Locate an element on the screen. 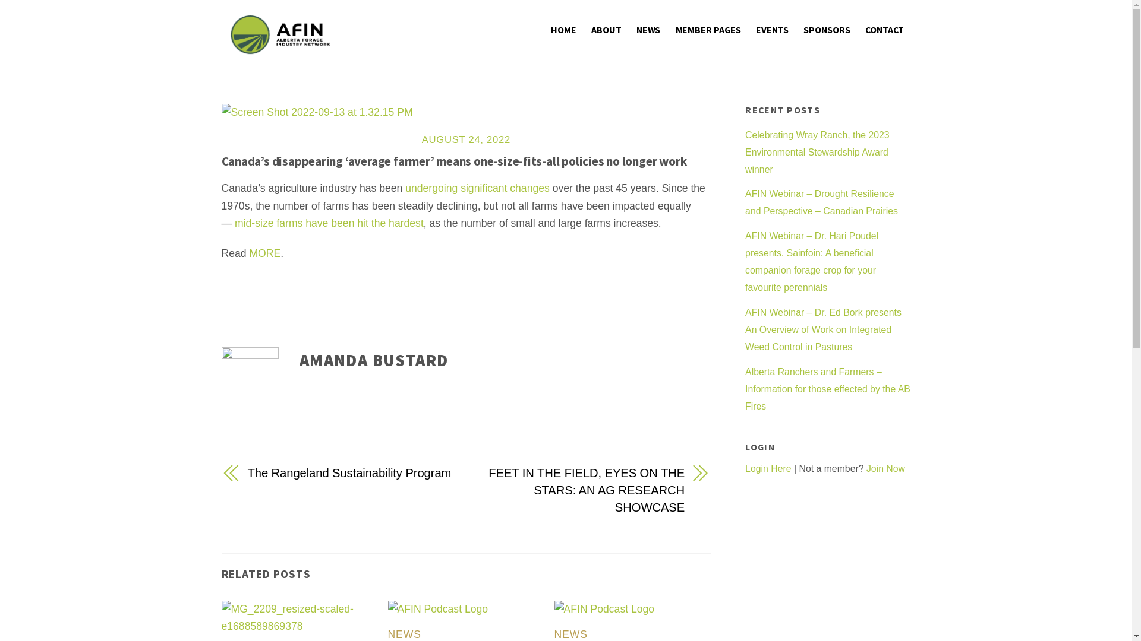 The image size is (1141, 641). 'EVENTS' is located at coordinates (773, 28).